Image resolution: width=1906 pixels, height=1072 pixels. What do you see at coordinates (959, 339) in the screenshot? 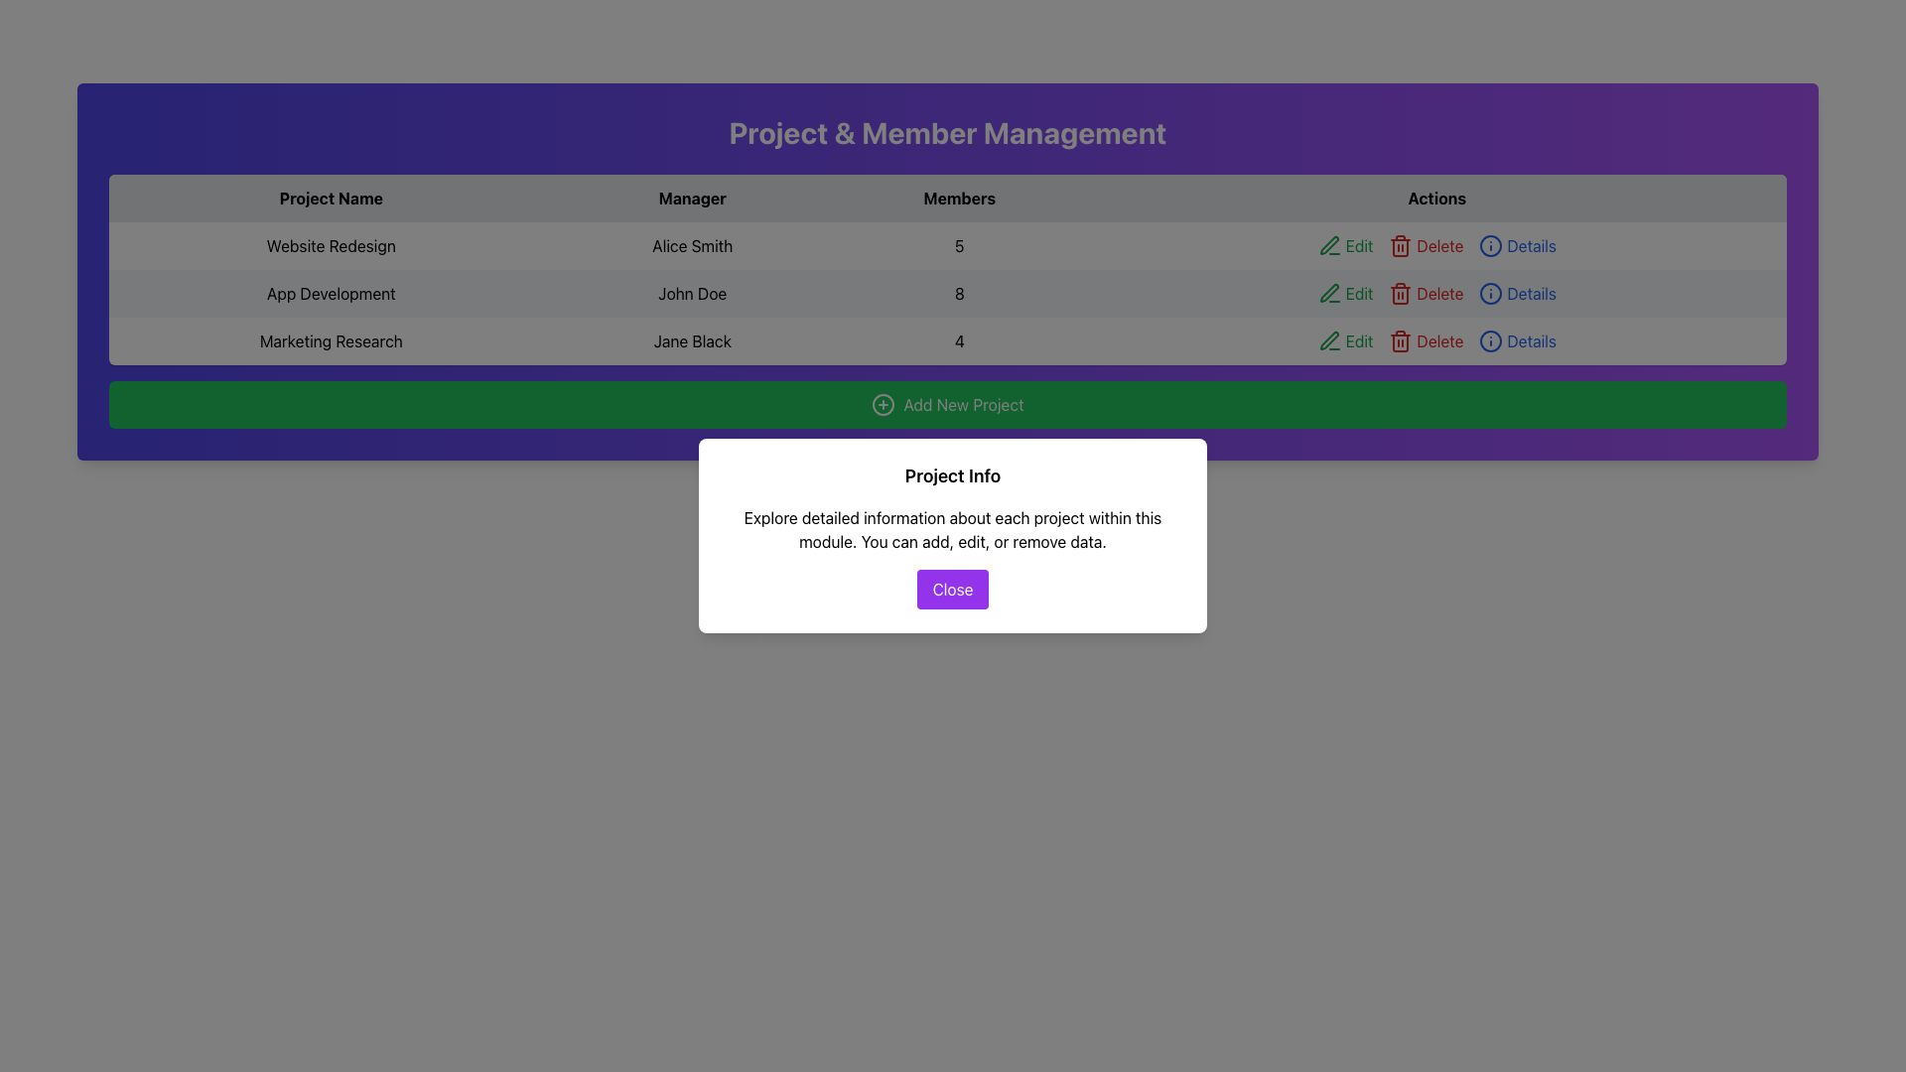
I see `the text label displaying the number '4' in bold within the 'Members' column of the 'Marketing Research' row in the table` at bounding box center [959, 339].